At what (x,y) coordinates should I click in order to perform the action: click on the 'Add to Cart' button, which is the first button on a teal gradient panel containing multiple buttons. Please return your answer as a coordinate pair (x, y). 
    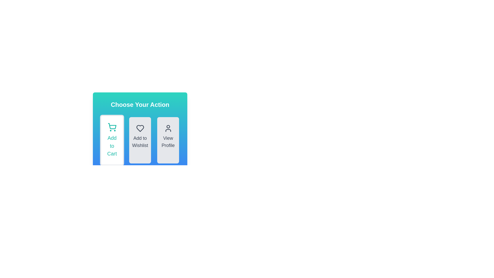
    Looking at the image, I should click on (140, 126).